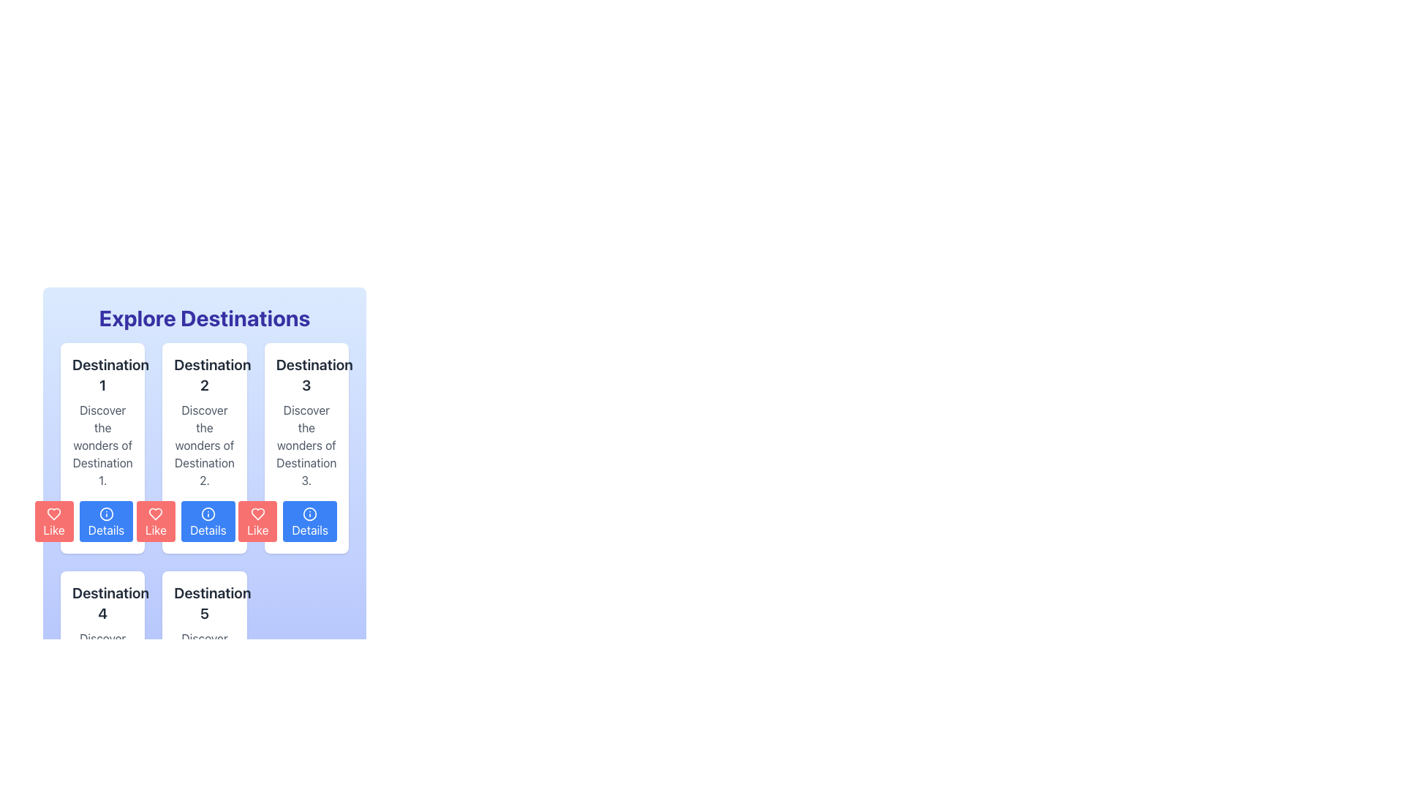  Describe the element at coordinates (156, 521) in the screenshot. I see `the 'Like' button located under the 'Destination 2' card, which is the first button in a group of horizontally aligned buttons` at that location.